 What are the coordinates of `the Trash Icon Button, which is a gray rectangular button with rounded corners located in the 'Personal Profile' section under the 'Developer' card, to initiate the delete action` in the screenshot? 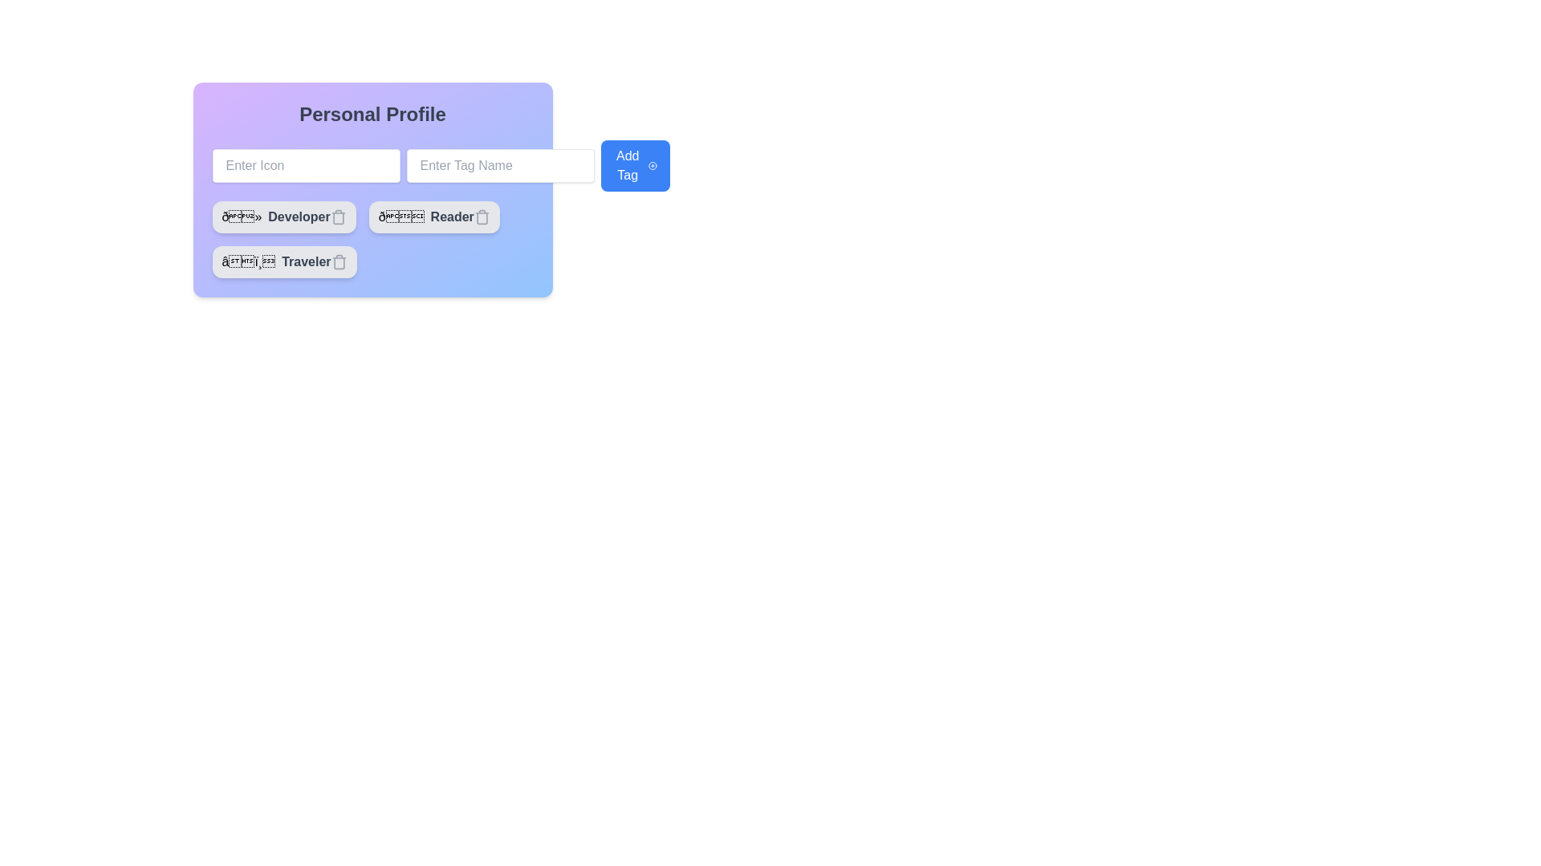 It's located at (337, 218).